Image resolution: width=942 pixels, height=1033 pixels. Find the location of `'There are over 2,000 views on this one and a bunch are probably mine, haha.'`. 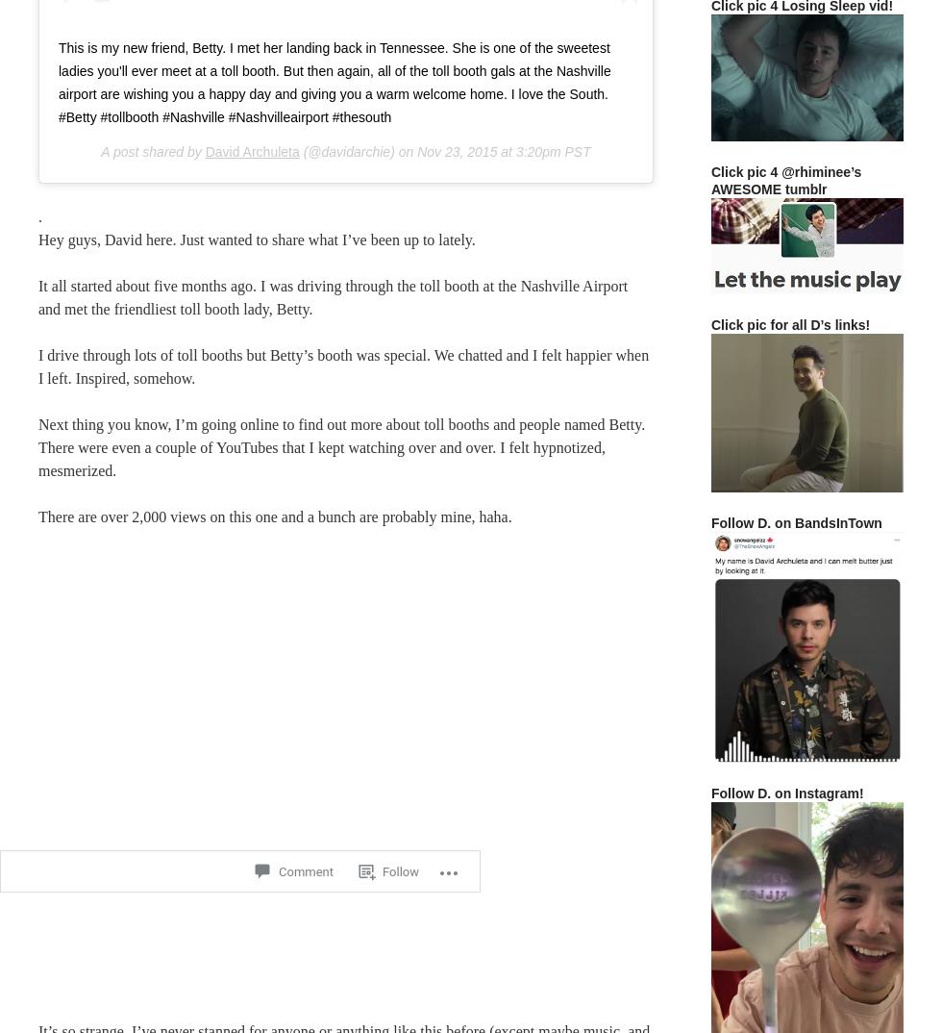

'There are over 2,000 views on this one and a bunch are probably mine, haha.' is located at coordinates (274, 516).